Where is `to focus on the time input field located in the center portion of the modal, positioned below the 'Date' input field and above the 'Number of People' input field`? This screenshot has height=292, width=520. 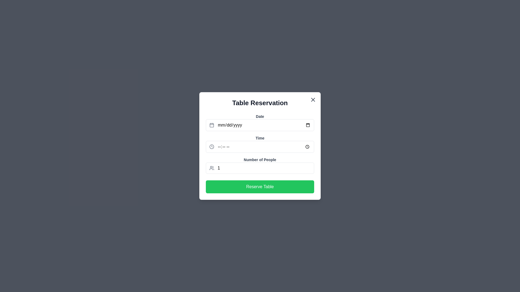 to focus on the time input field located in the center portion of the modal, positioned below the 'Date' input field and above the 'Number of People' input field is located at coordinates (260, 144).